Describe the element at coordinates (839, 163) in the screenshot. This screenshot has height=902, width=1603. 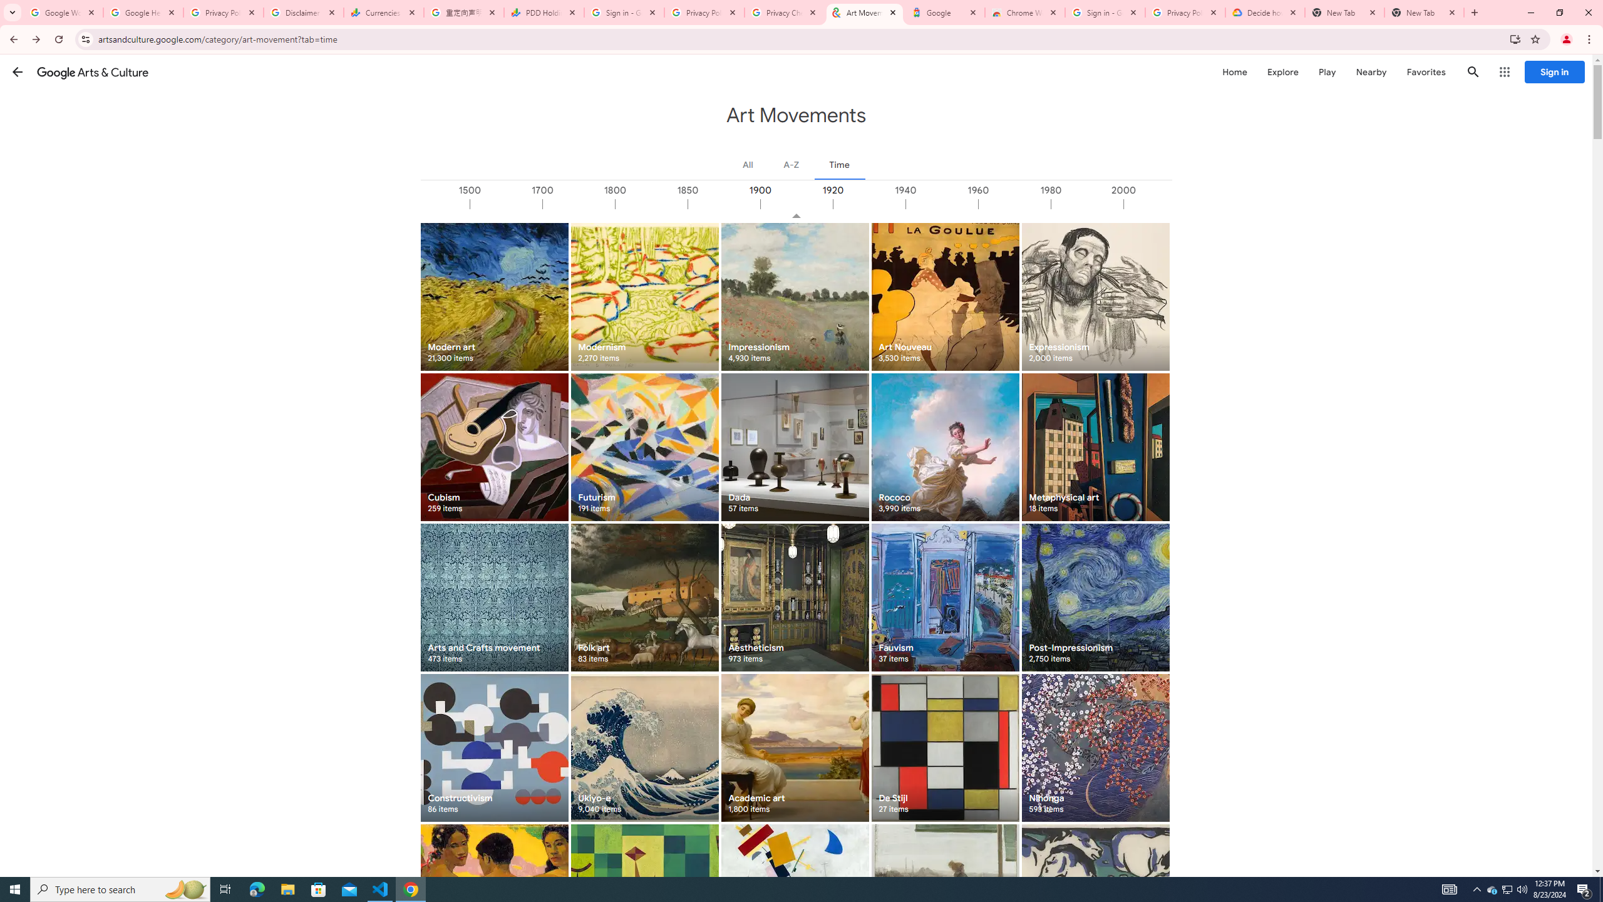
I see `'Time'` at that location.